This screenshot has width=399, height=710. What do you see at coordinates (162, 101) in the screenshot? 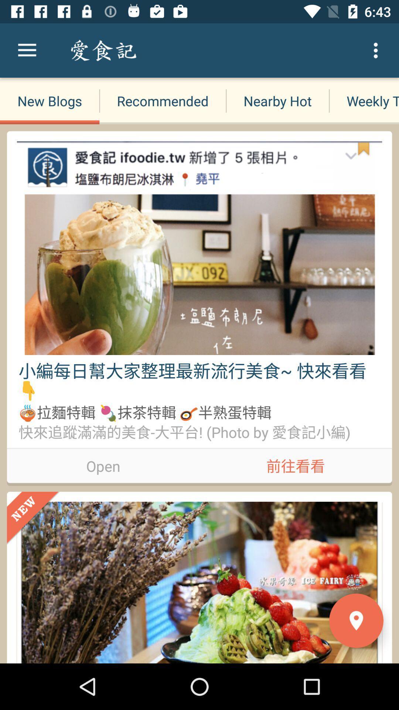
I see `recommended icon` at bounding box center [162, 101].